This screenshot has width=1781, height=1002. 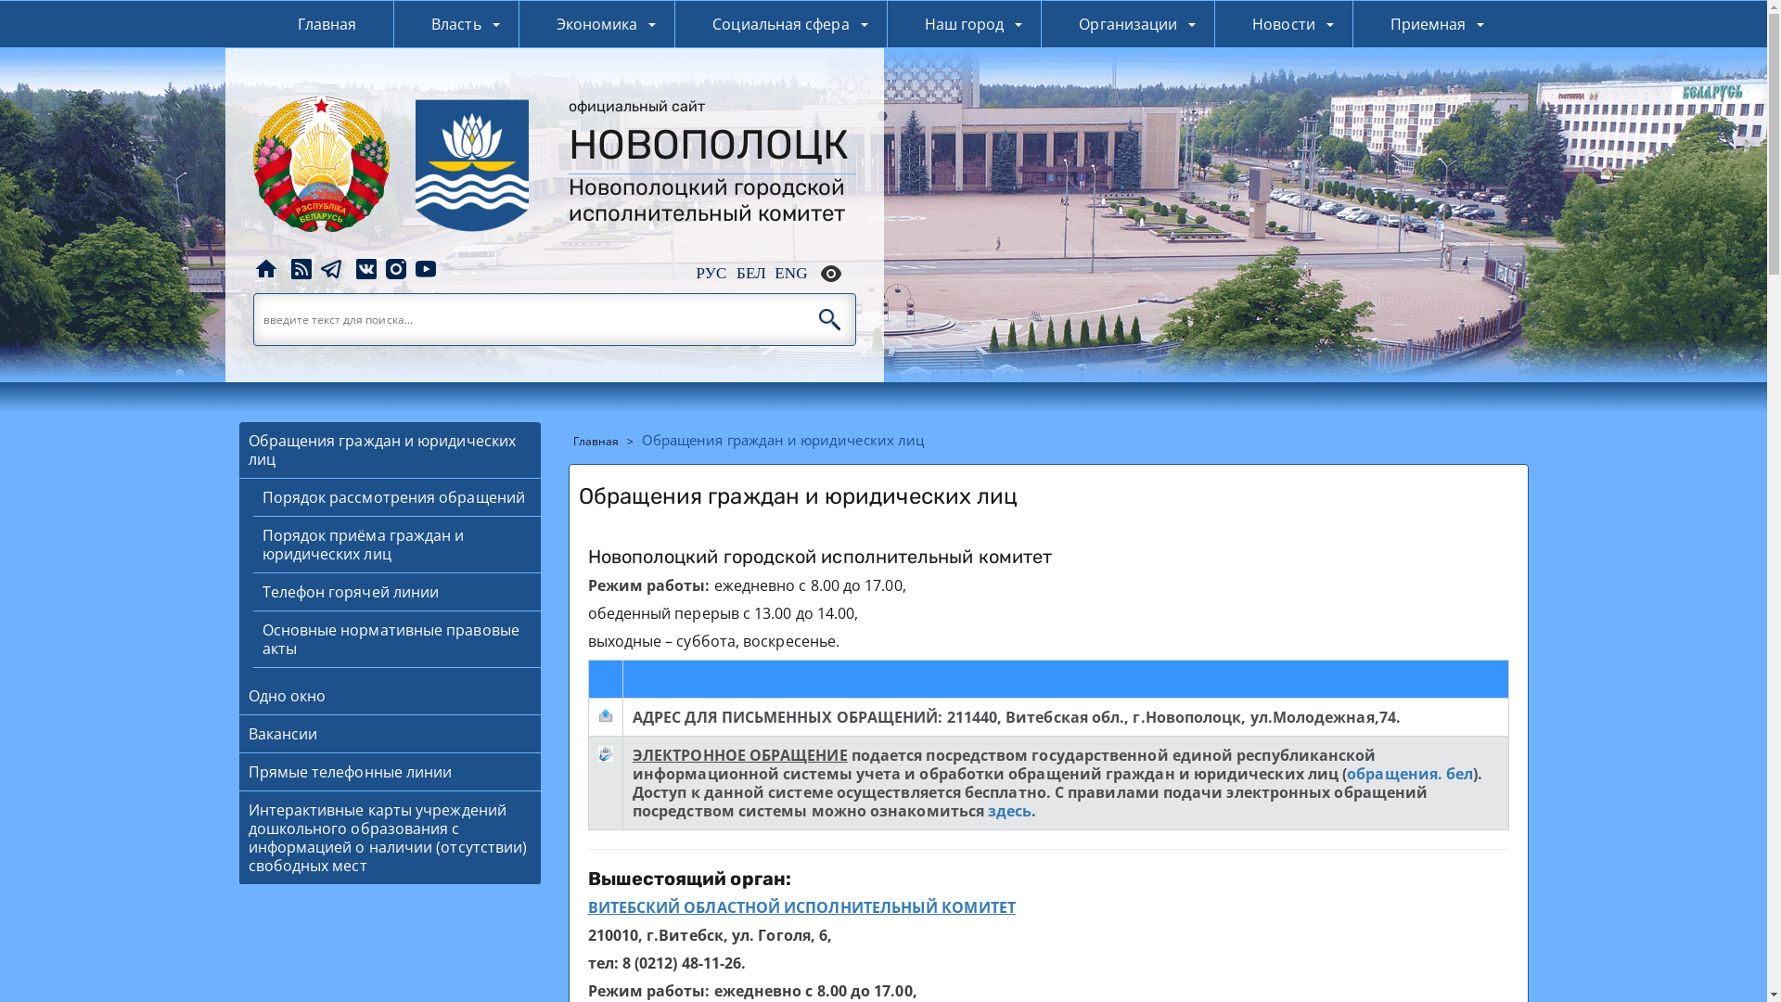 What do you see at coordinates (395, 267) in the screenshot?
I see `'Instagram'` at bounding box center [395, 267].